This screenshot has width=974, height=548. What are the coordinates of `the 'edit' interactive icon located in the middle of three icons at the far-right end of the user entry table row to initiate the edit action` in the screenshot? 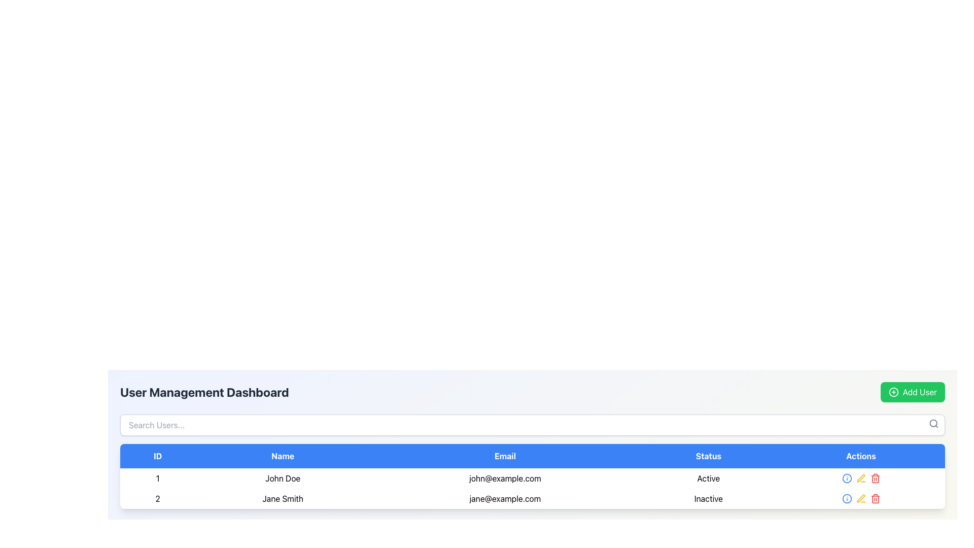 It's located at (860, 478).